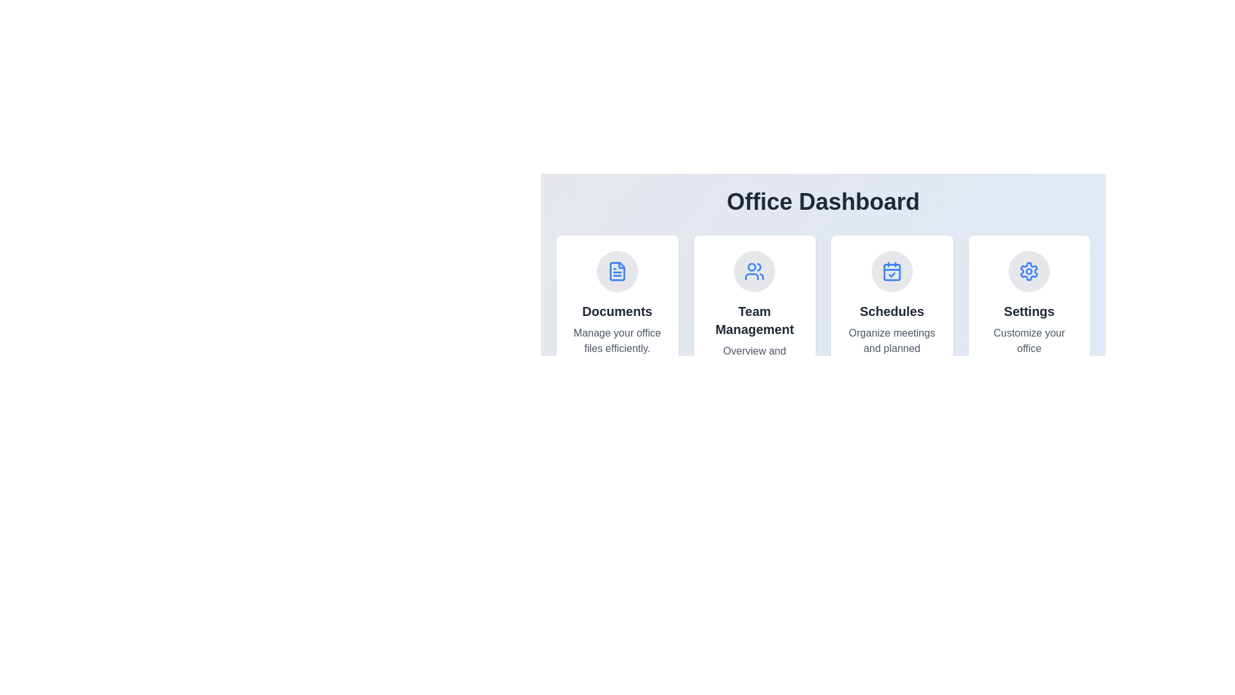  I want to click on static text label that says 'Customize your office configurations.' which is styled in gray and centered under the 'Settings' header within the fourth card of the interface, so click(1029, 349).